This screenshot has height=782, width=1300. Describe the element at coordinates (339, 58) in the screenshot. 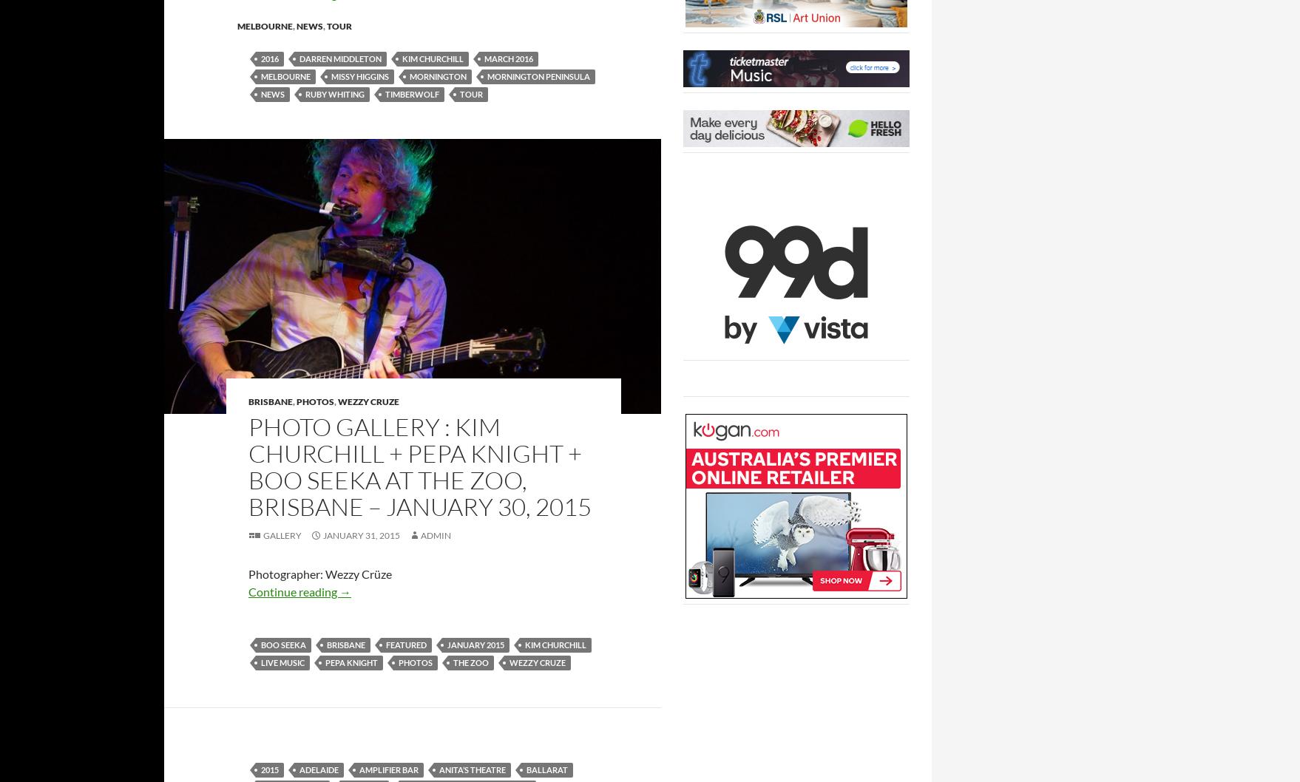

I see `'Darren Middleton'` at that location.